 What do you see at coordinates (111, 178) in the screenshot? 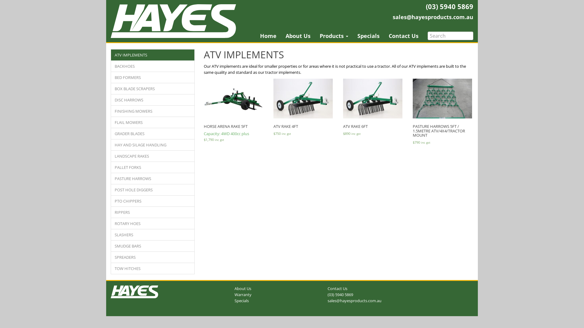
I see `'PASTURE HARROWS'` at bounding box center [111, 178].